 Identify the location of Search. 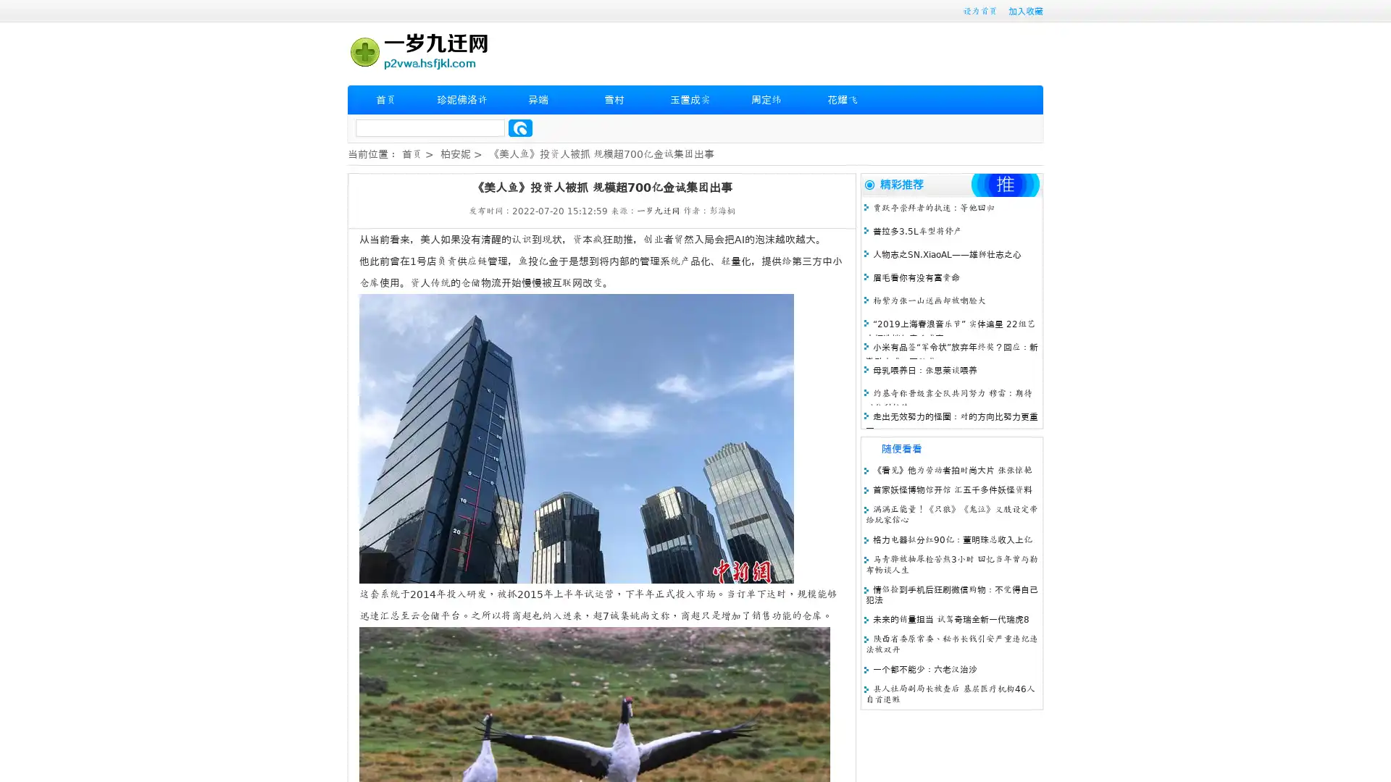
(520, 127).